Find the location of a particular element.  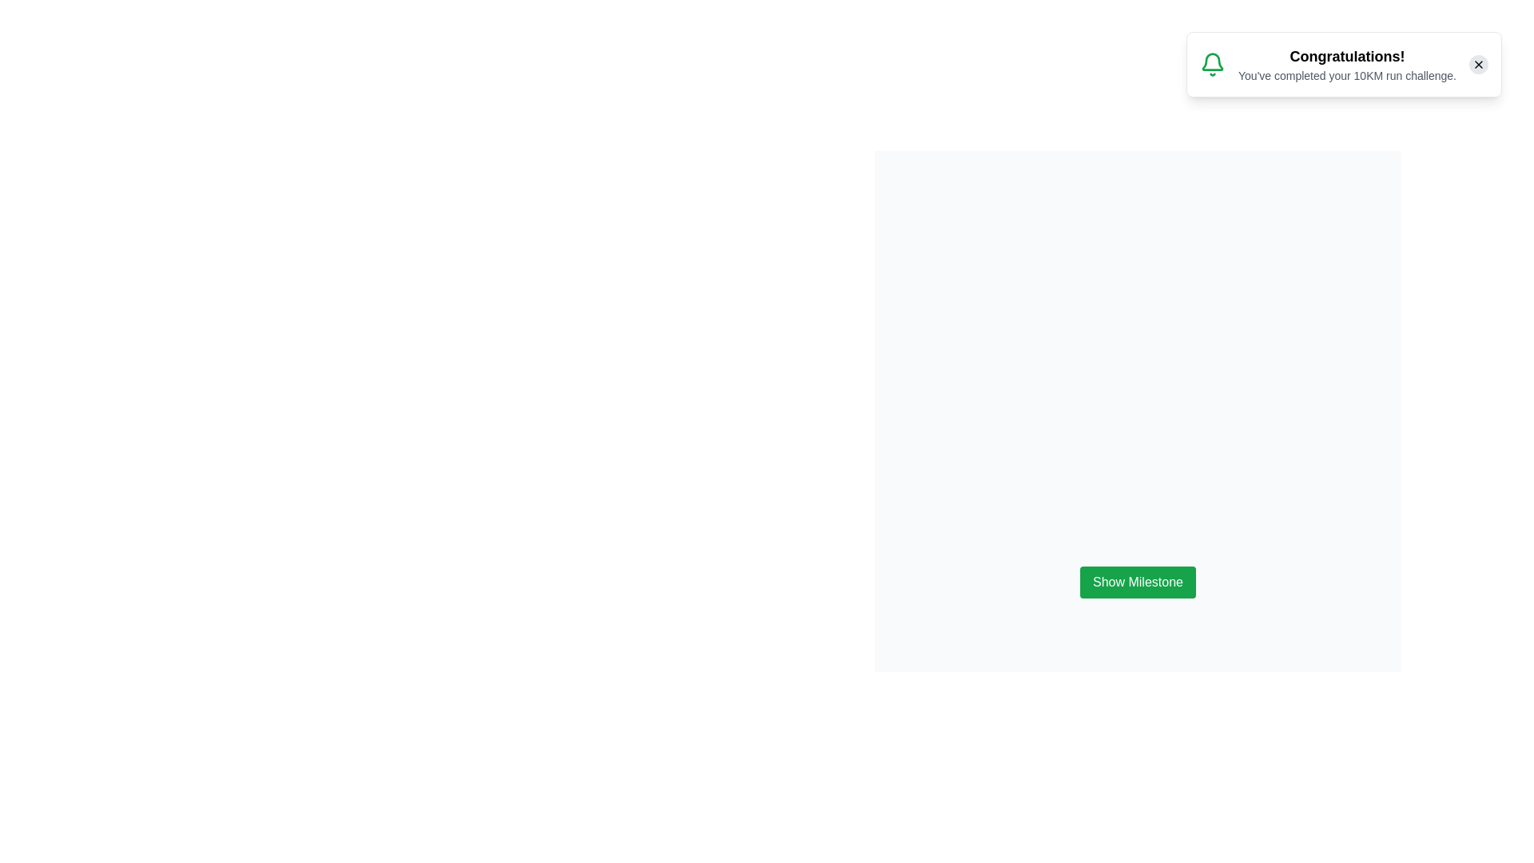

the notification icon is located at coordinates (1212, 64).